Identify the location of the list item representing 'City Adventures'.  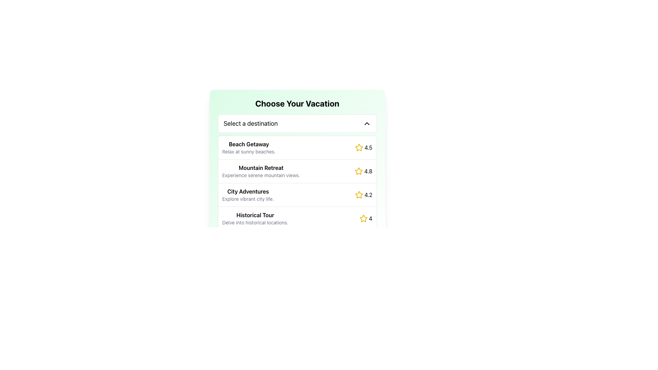
(297, 195).